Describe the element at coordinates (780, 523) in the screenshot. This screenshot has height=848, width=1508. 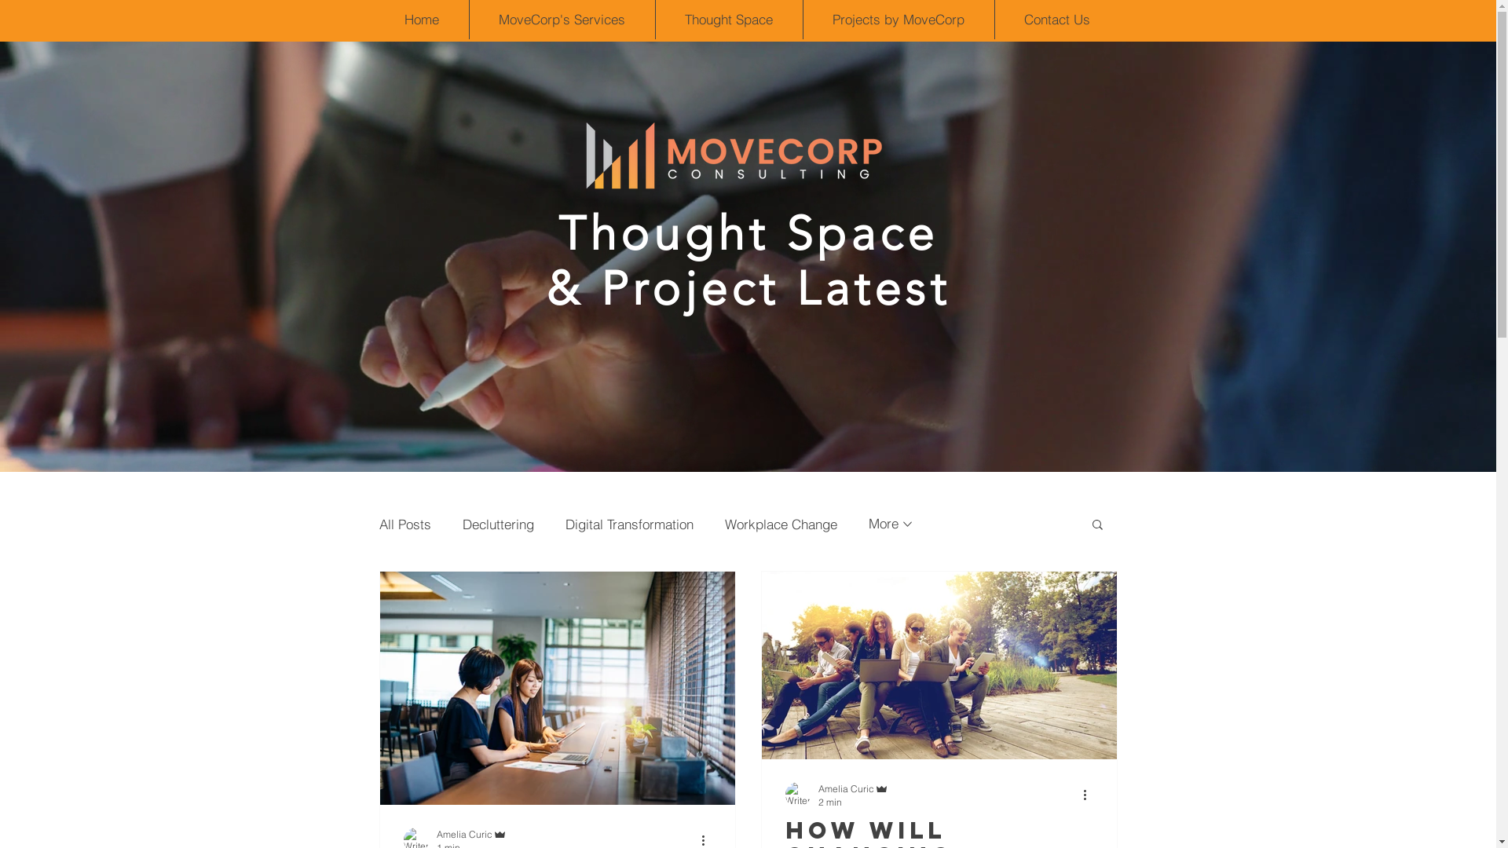
I see `'Workplace Change'` at that location.